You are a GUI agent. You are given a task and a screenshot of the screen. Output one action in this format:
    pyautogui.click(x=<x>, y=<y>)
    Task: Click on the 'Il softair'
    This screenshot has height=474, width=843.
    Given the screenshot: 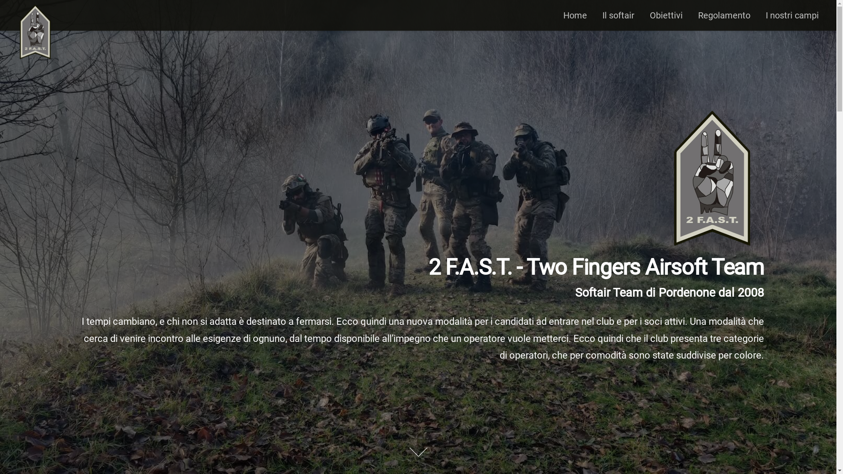 What is the action you would take?
    pyautogui.click(x=618, y=15)
    